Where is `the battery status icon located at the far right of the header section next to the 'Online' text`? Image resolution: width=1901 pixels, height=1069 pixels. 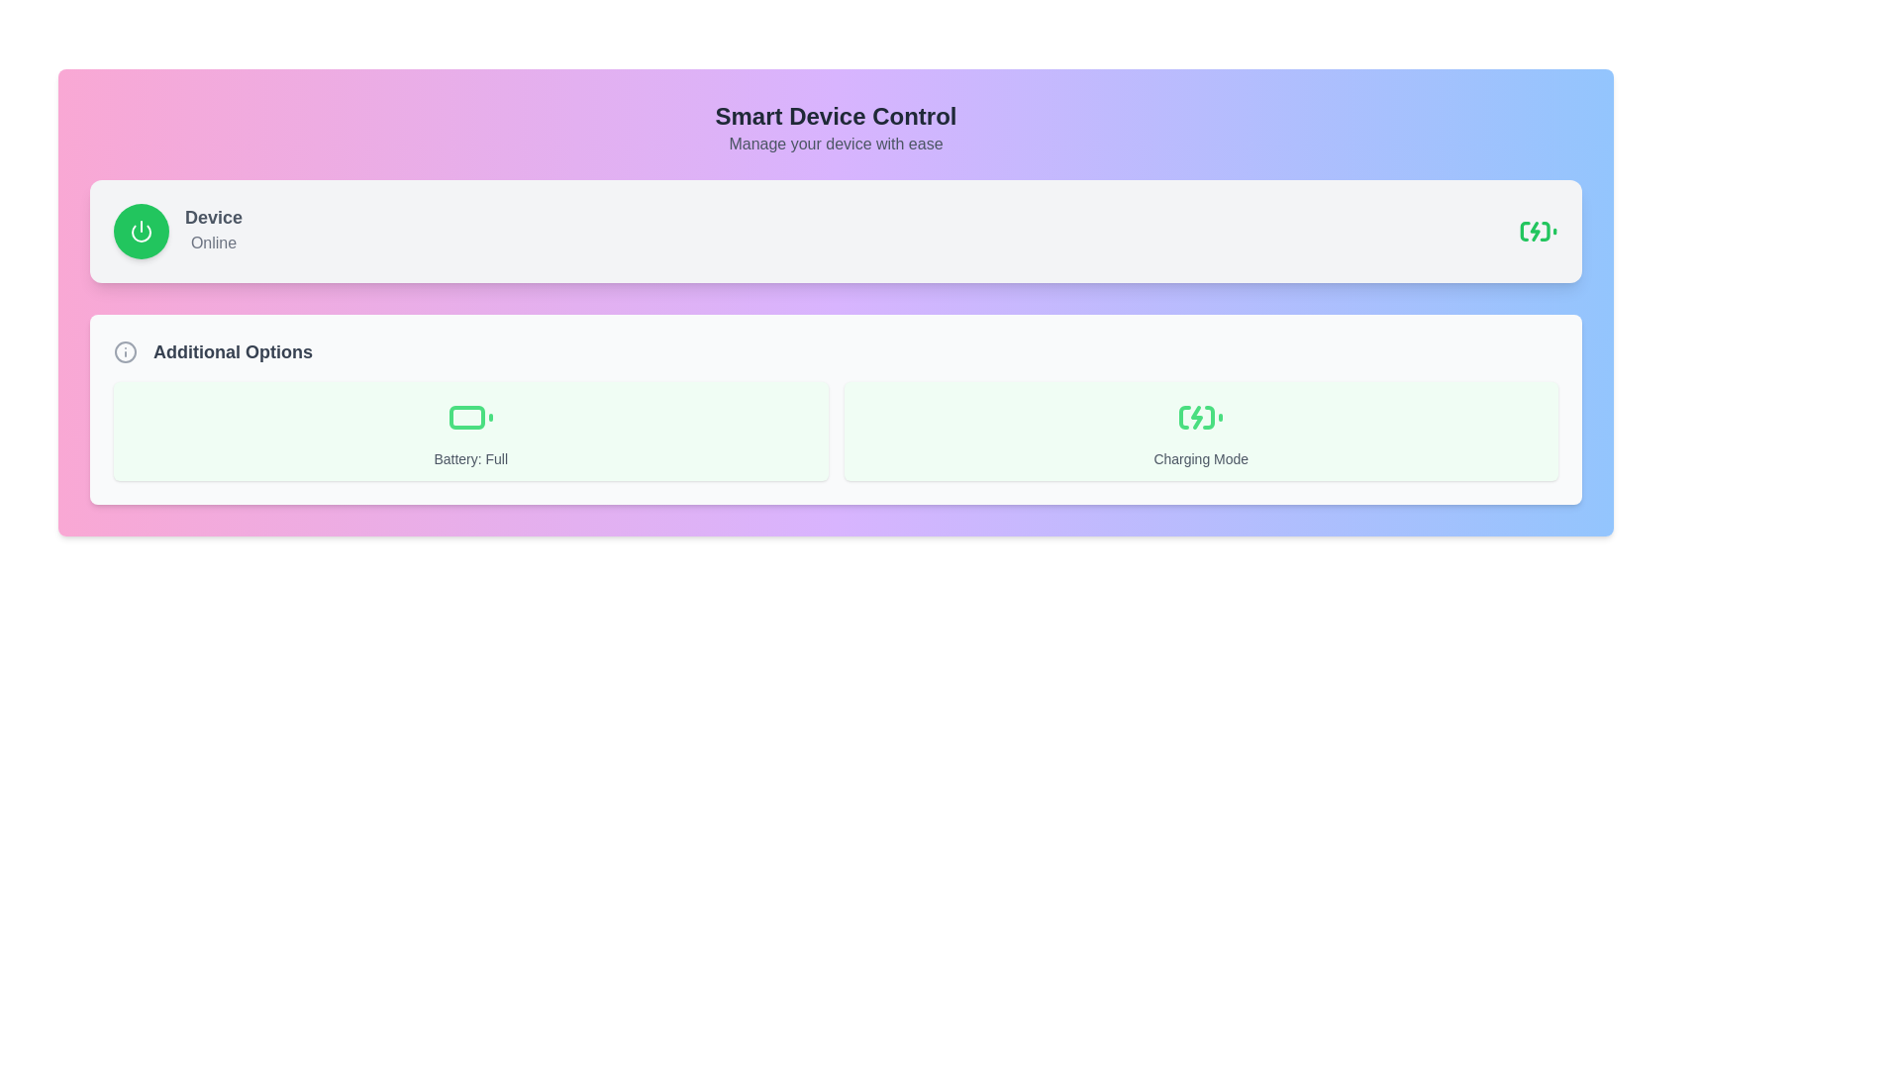
the battery status icon located at the far right of the header section next to the 'Online' text is located at coordinates (1538, 231).